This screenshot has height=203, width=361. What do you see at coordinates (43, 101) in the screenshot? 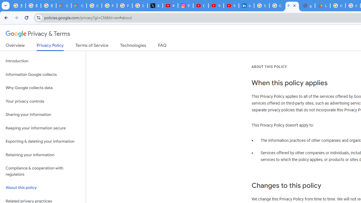
I see `'Your privacy controls'` at bounding box center [43, 101].